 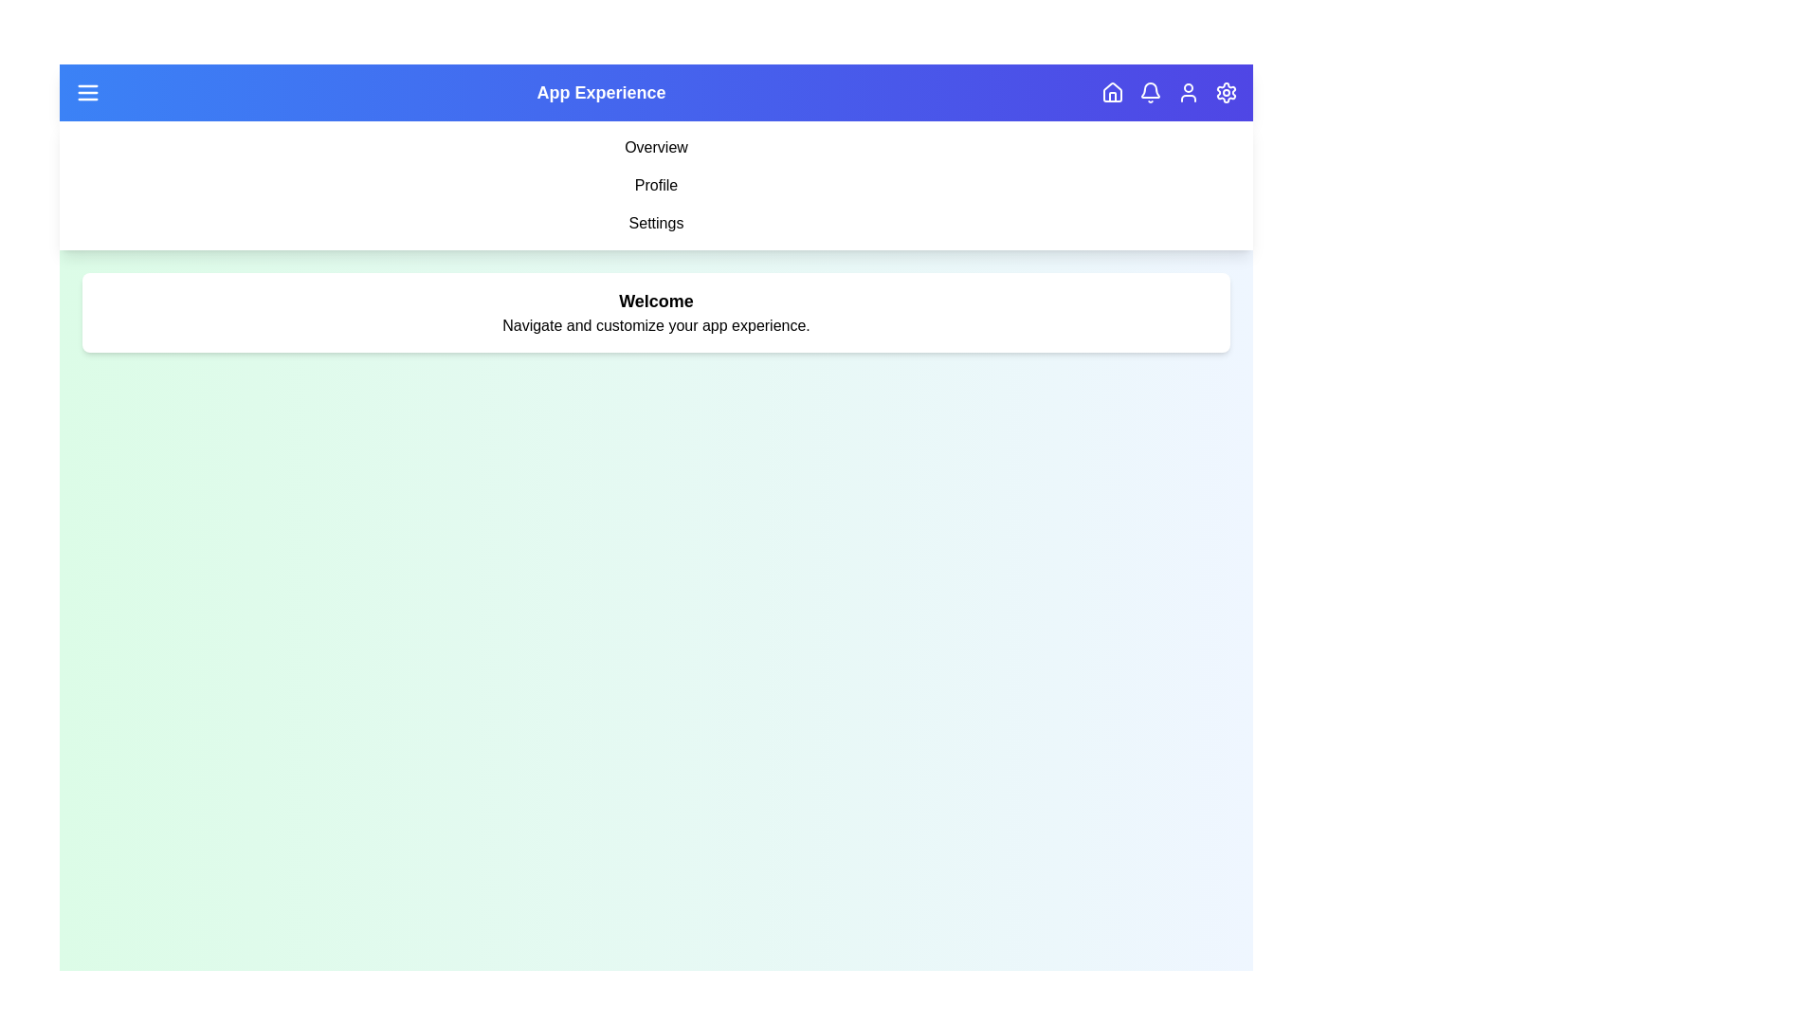 What do you see at coordinates (1187, 92) in the screenshot?
I see `the navigation button corresponding to profile` at bounding box center [1187, 92].